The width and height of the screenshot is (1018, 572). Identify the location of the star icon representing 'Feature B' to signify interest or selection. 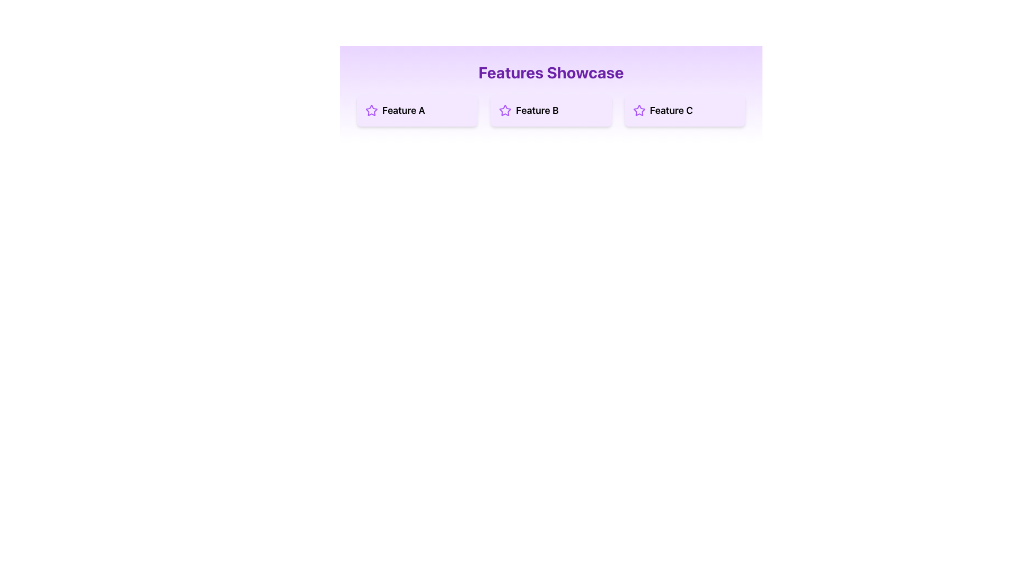
(550, 110).